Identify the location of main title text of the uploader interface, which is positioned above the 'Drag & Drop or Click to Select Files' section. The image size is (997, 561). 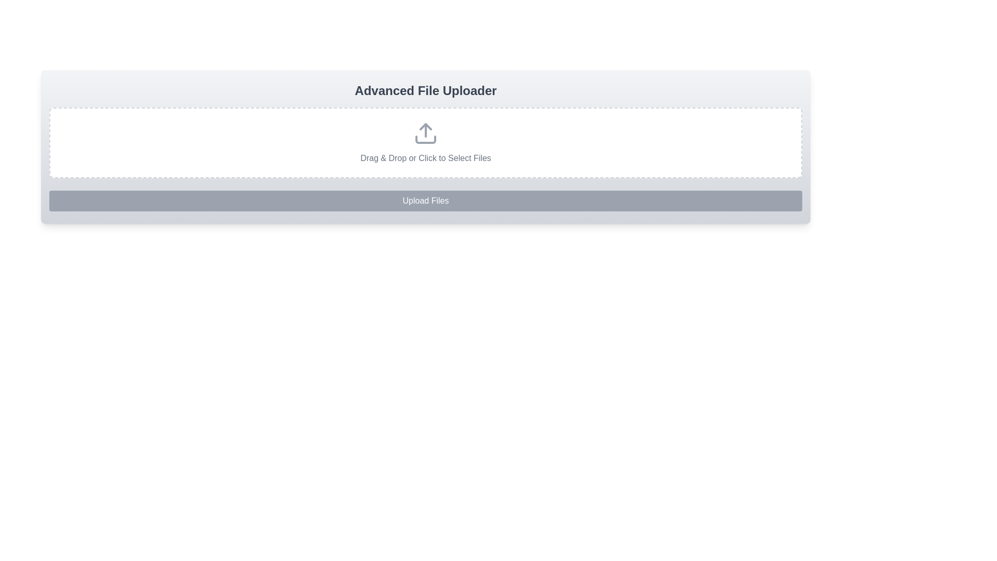
(426, 90).